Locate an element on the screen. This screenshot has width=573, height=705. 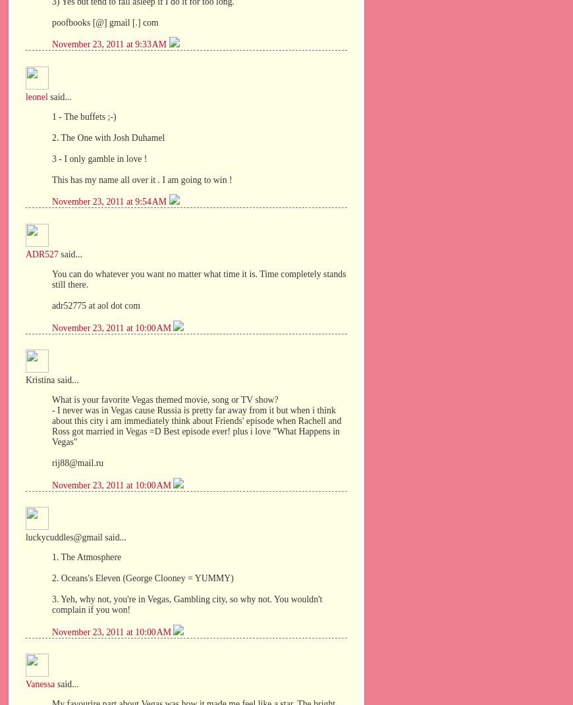
'November 23, 2011 at 9:33 AM' is located at coordinates (109, 43).